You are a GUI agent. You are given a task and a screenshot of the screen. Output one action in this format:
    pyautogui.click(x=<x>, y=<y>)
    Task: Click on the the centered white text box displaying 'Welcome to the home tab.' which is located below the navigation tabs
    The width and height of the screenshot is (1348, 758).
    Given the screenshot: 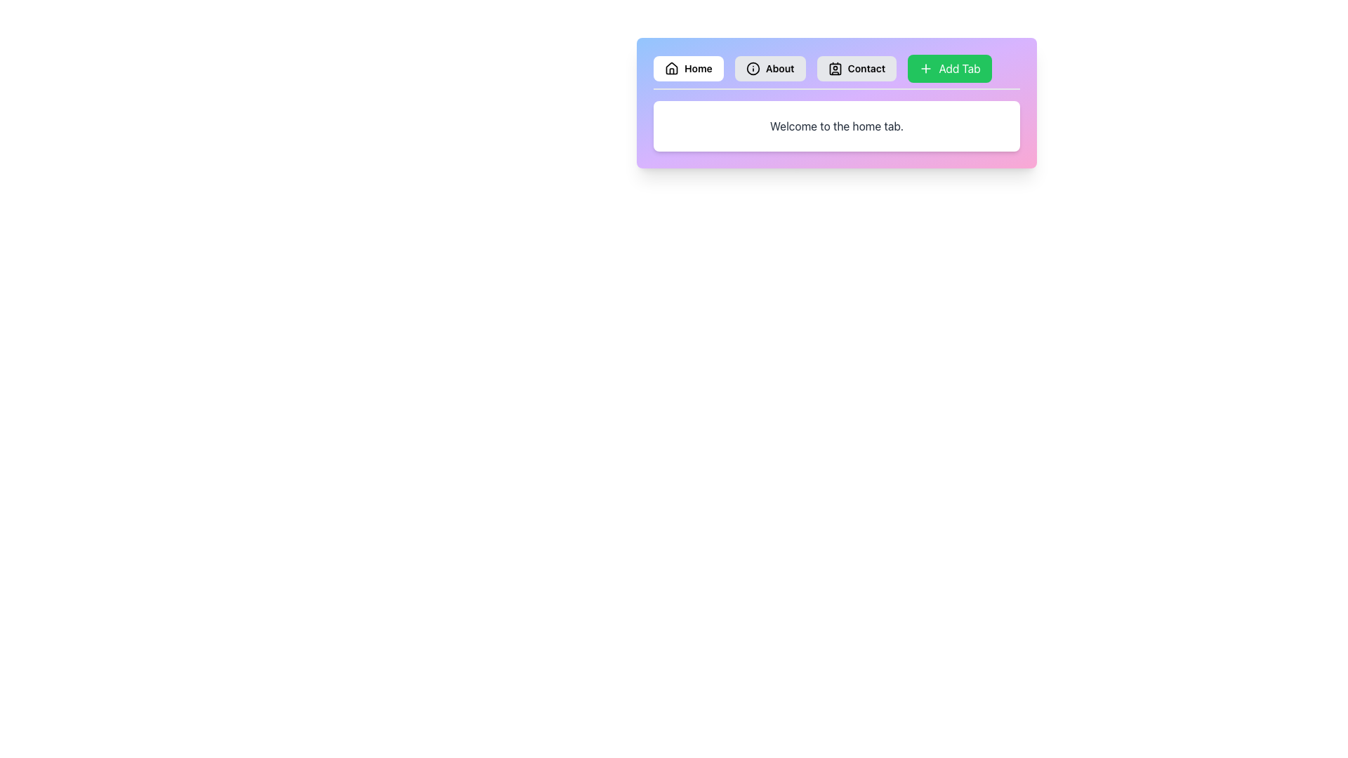 What is the action you would take?
    pyautogui.click(x=836, y=126)
    